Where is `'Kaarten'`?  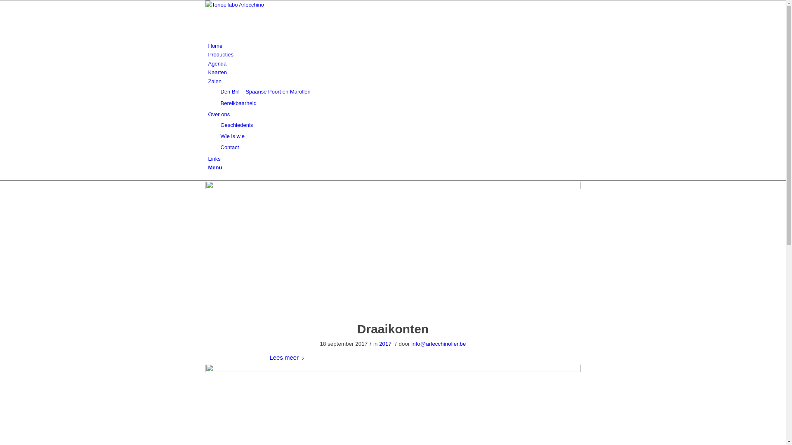
'Kaarten' is located at coordinates (217, 72).